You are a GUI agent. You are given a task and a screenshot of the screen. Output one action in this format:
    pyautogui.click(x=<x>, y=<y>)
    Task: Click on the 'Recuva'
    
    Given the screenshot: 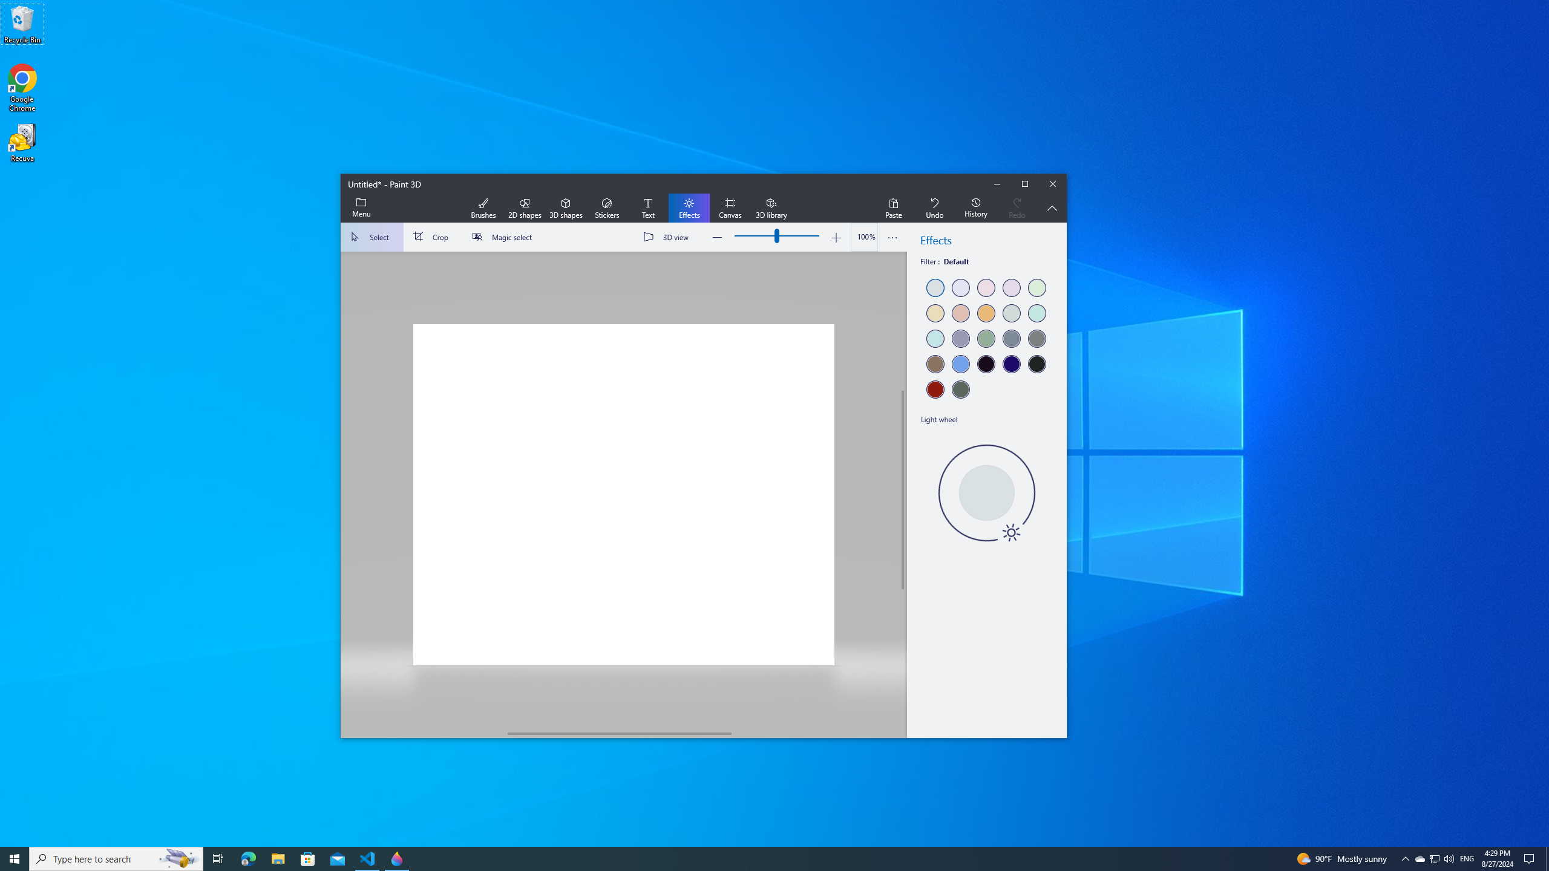 What is the action you would take?
    pyautogui.click(x=22, y=142)
    